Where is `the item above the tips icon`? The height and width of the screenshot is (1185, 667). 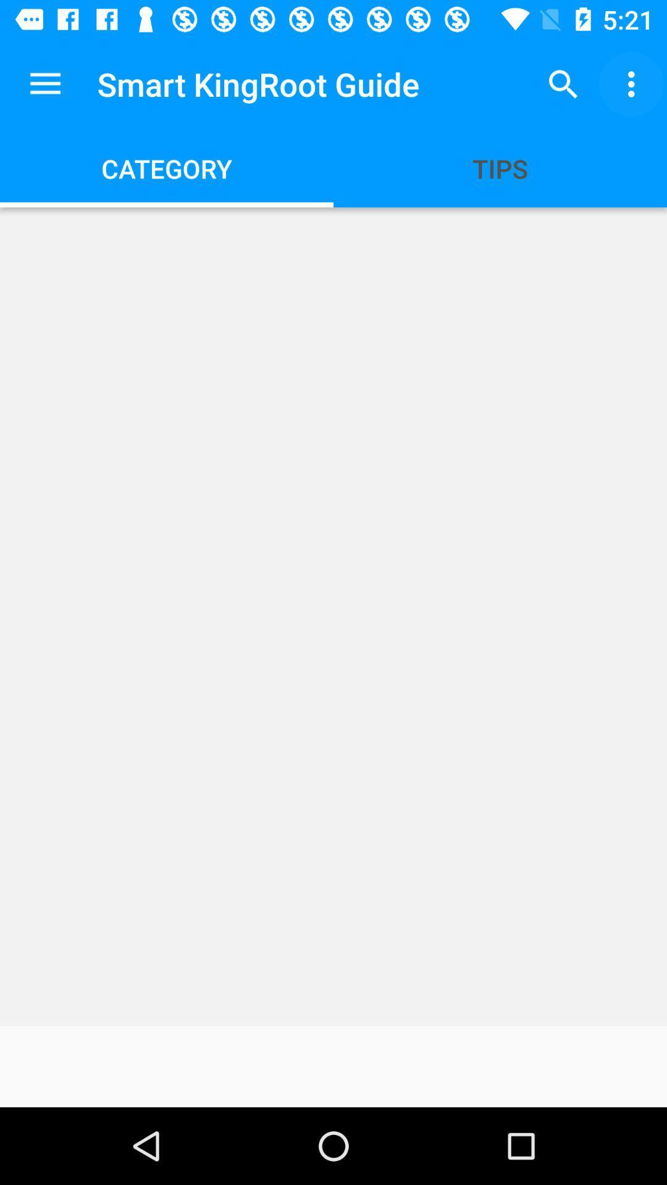
the item above the tips icon is located at coordinates (563, 83).